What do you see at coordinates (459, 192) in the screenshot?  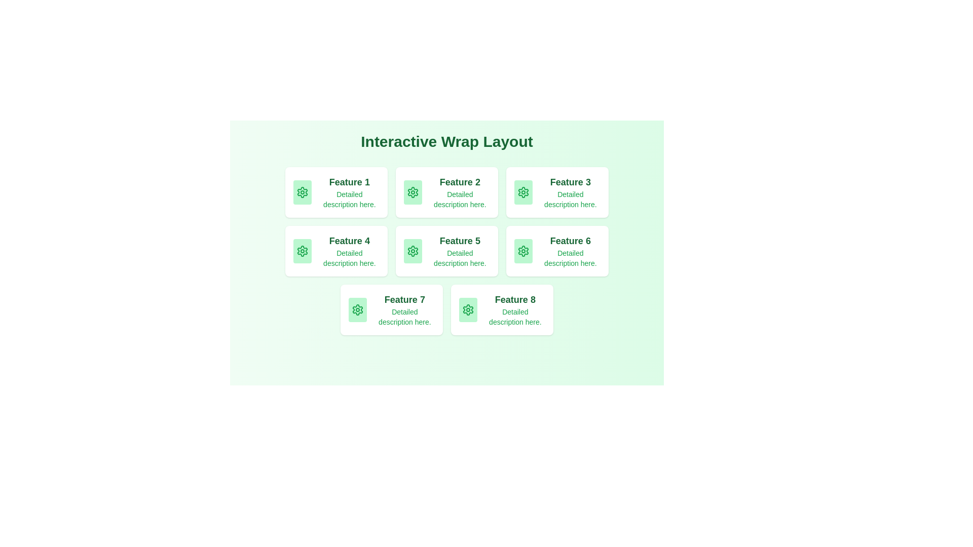 I see `text label located in the second column of the first row within the grid layout, positioned between 'Feature 1' and 'Feature 3'` at bounding box center [459, 192].